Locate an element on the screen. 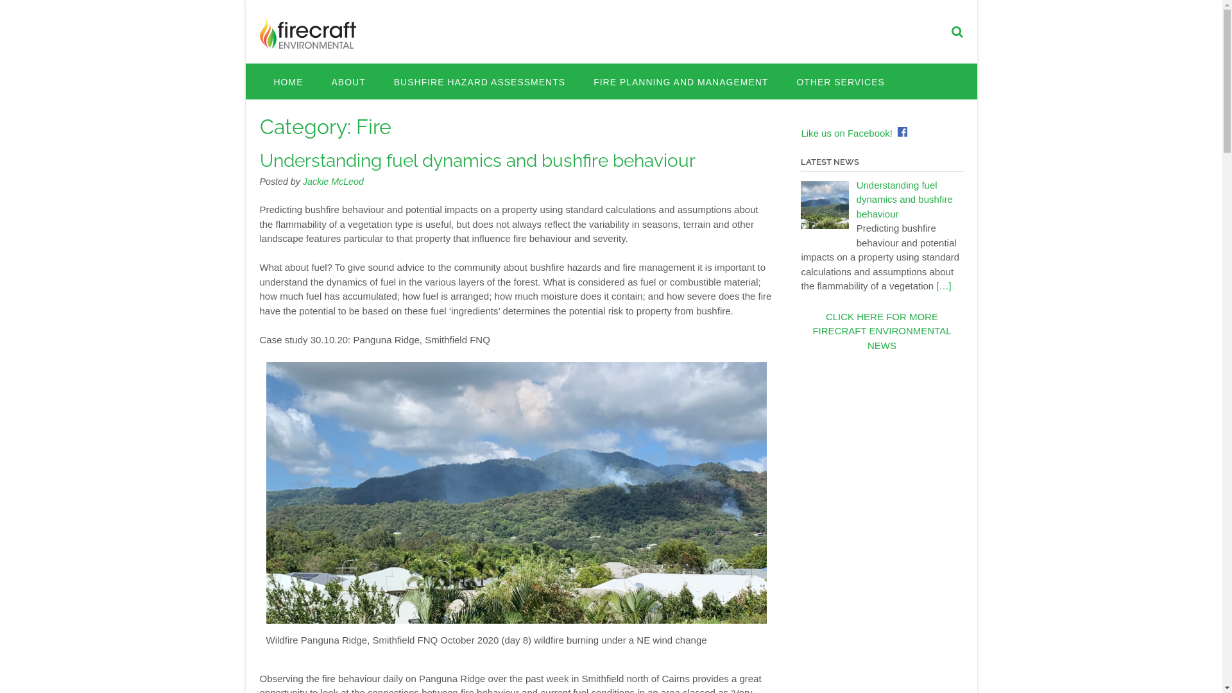 The height and width of the screenshot is (693, 1232). 'Search our website' is located at coordinates (957, 31).